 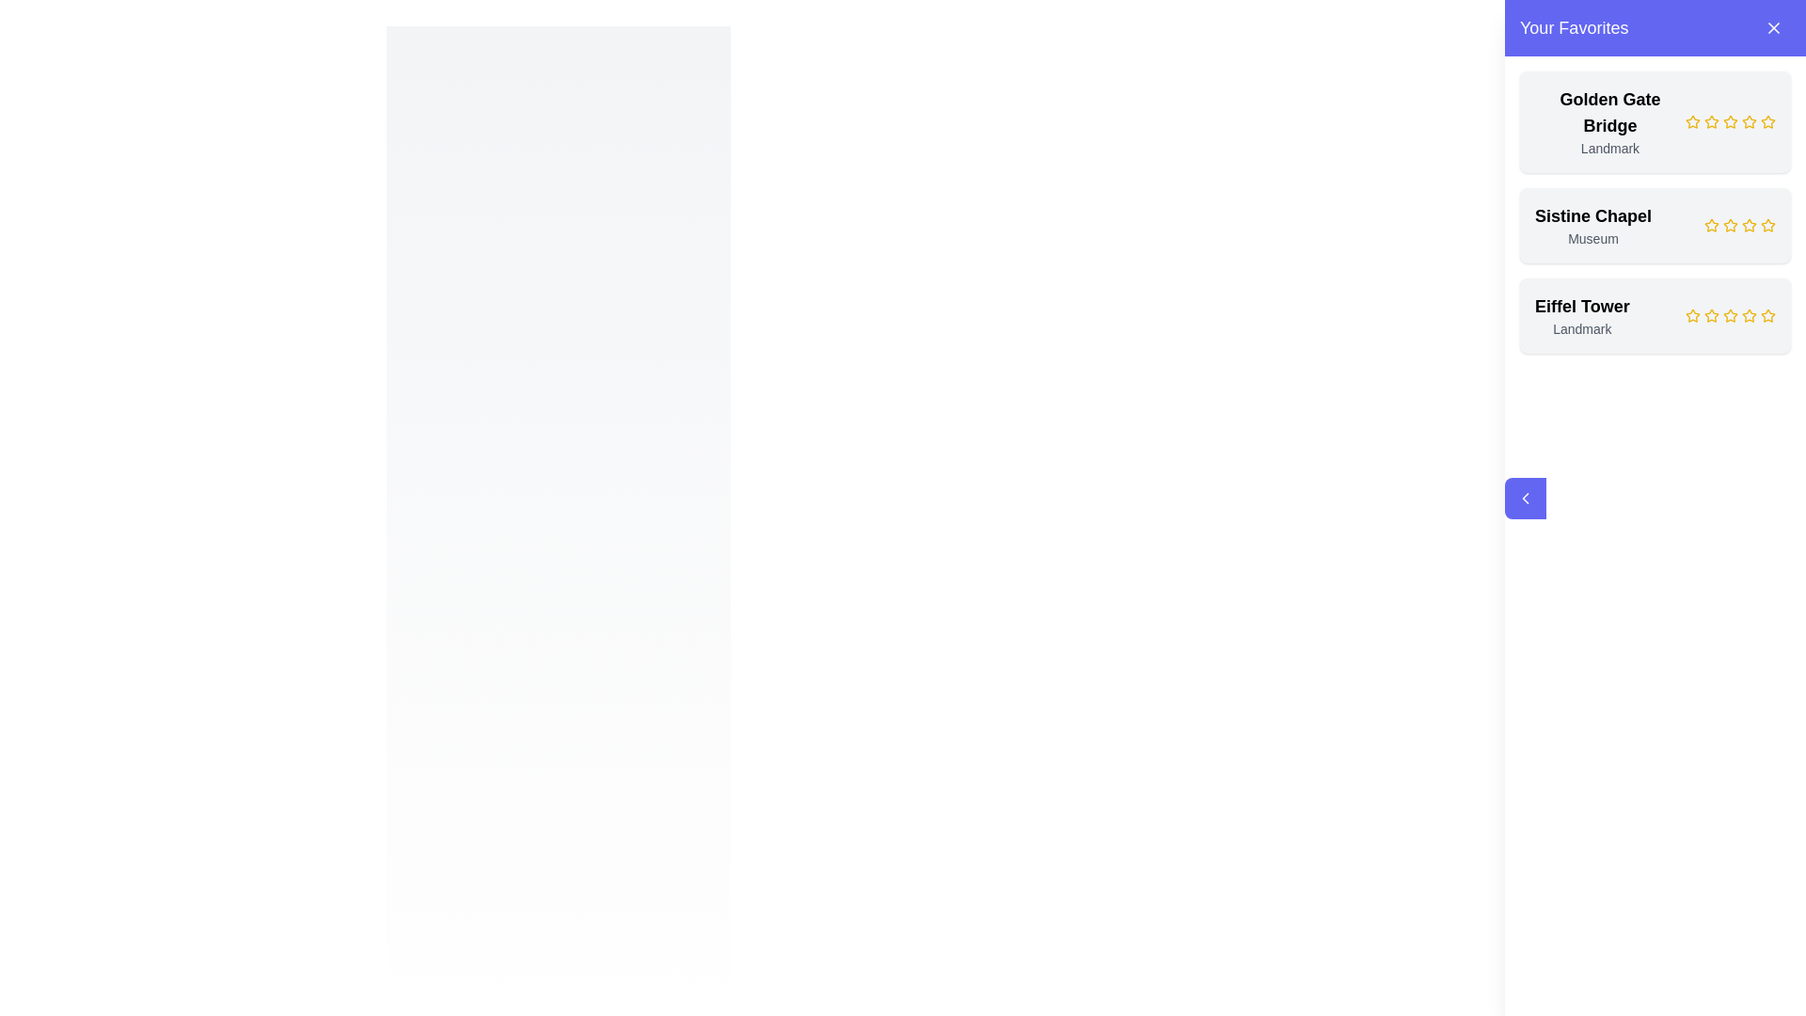 I want to click on the 'Your Favorites' text label located in the purple header of the side panel, positioned towards the left side, adjacent to the close button, so click(x=1574, y=28).